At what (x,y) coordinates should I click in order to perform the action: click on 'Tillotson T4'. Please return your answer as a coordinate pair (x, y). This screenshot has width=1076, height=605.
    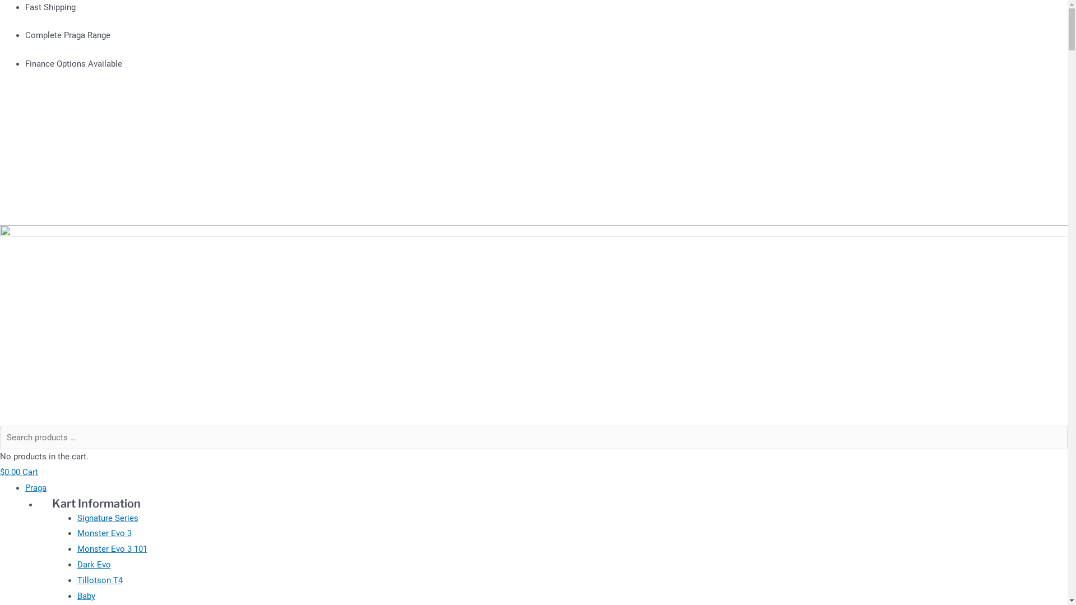
    Looking at the image, I should click on (100, 580).